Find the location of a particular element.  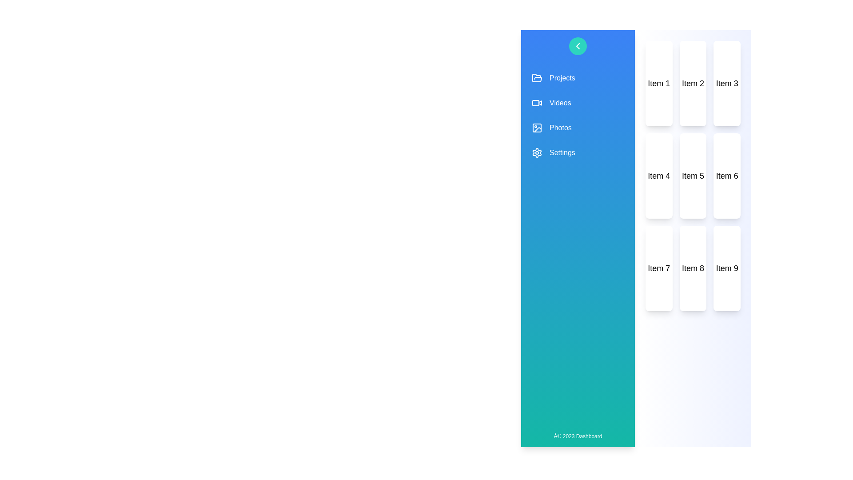

the sidebar menu item labeled Videos is located at coordinates (578, 102).